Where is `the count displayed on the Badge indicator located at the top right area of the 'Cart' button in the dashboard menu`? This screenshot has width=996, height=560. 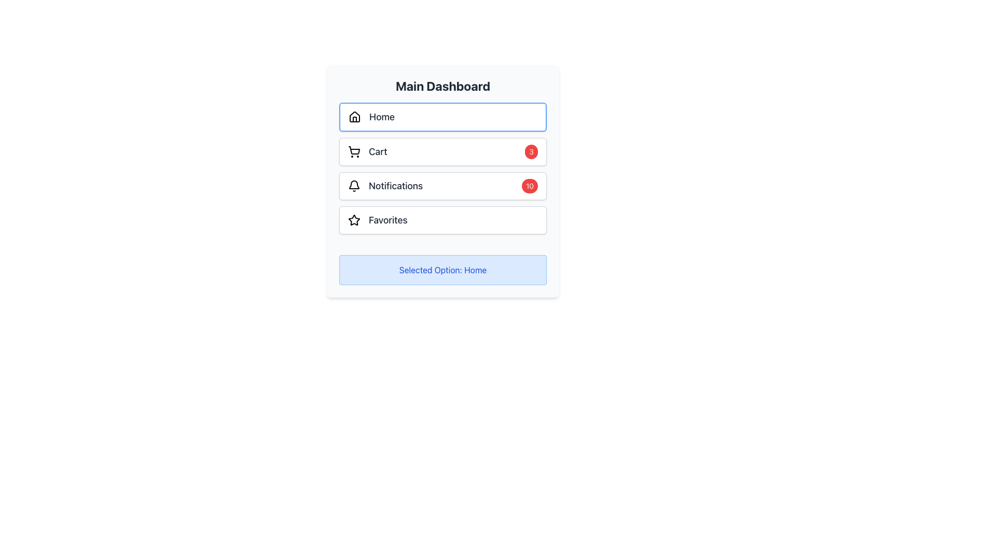
the count displayed on the Badge indicator located at the top right area of the 'Cart' button in the dashboard menu is located at coordinates (531, 152).